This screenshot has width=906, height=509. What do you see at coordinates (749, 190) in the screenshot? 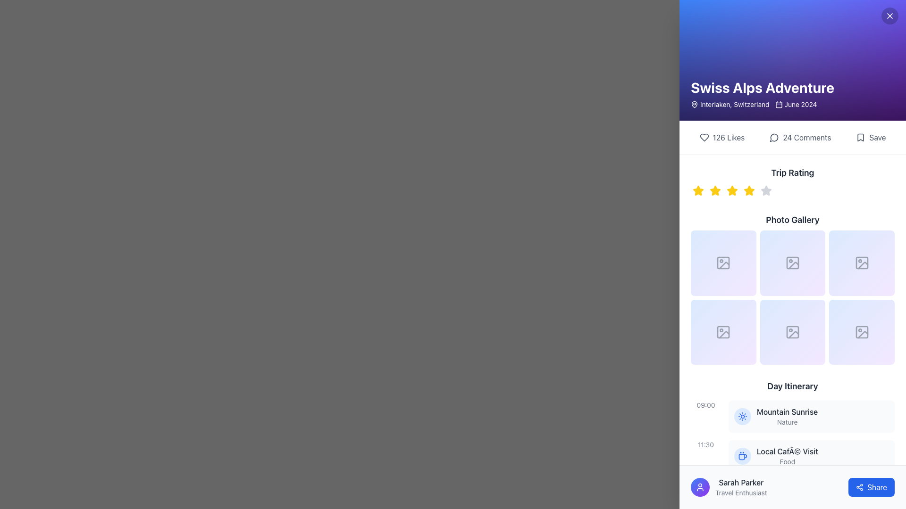
I see `keyboard navigation` at bounding box center [749, 190].